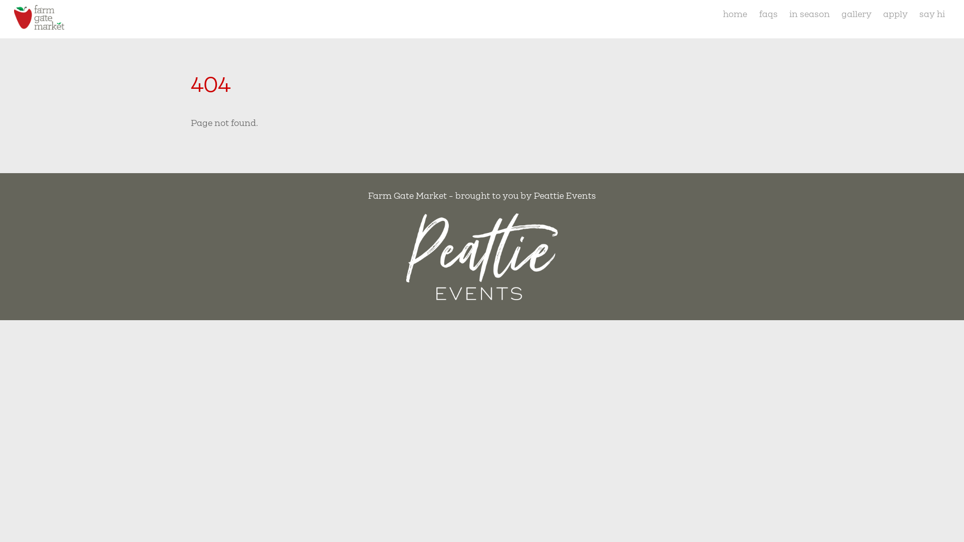 This screenshot has height=542, width=964. Describe the element at coordinates (39, 24) in the screenshot. I see `'Farm Gate Market'` at that location.